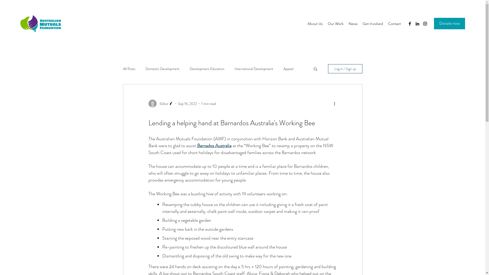 The height and width of the screenshot is (275, 489). Describe the element at coordinates (315, 23) in the screenshot. I see `'About Us'` at that location.